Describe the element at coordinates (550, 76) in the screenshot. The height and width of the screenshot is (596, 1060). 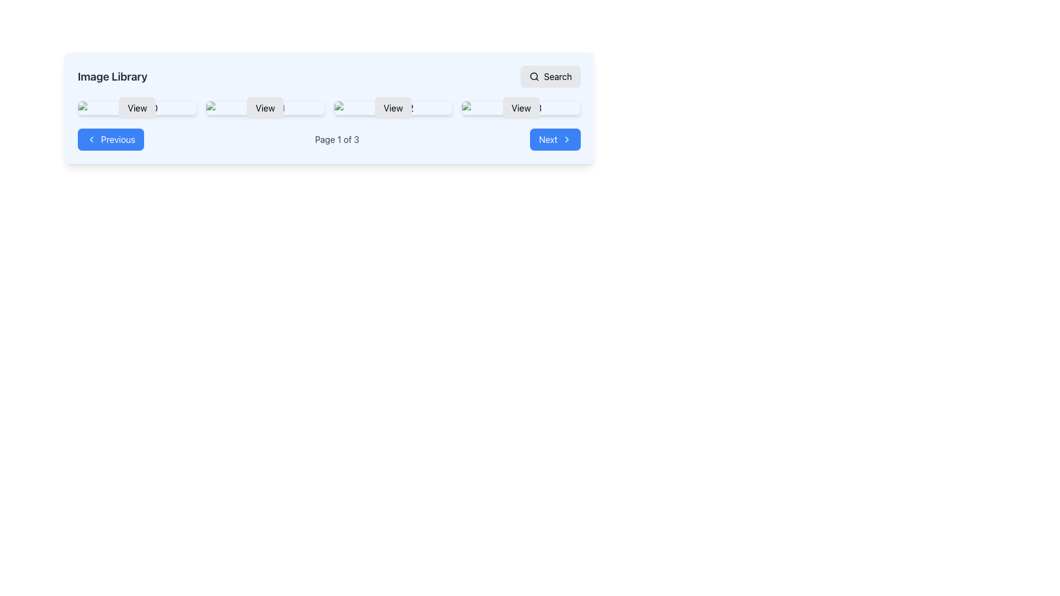
I see `the gray rounded rectangle button with a magnifying glass icon and the text 'Search' located in the top right corner of the 'Image Library' section to initiate search` at that location.